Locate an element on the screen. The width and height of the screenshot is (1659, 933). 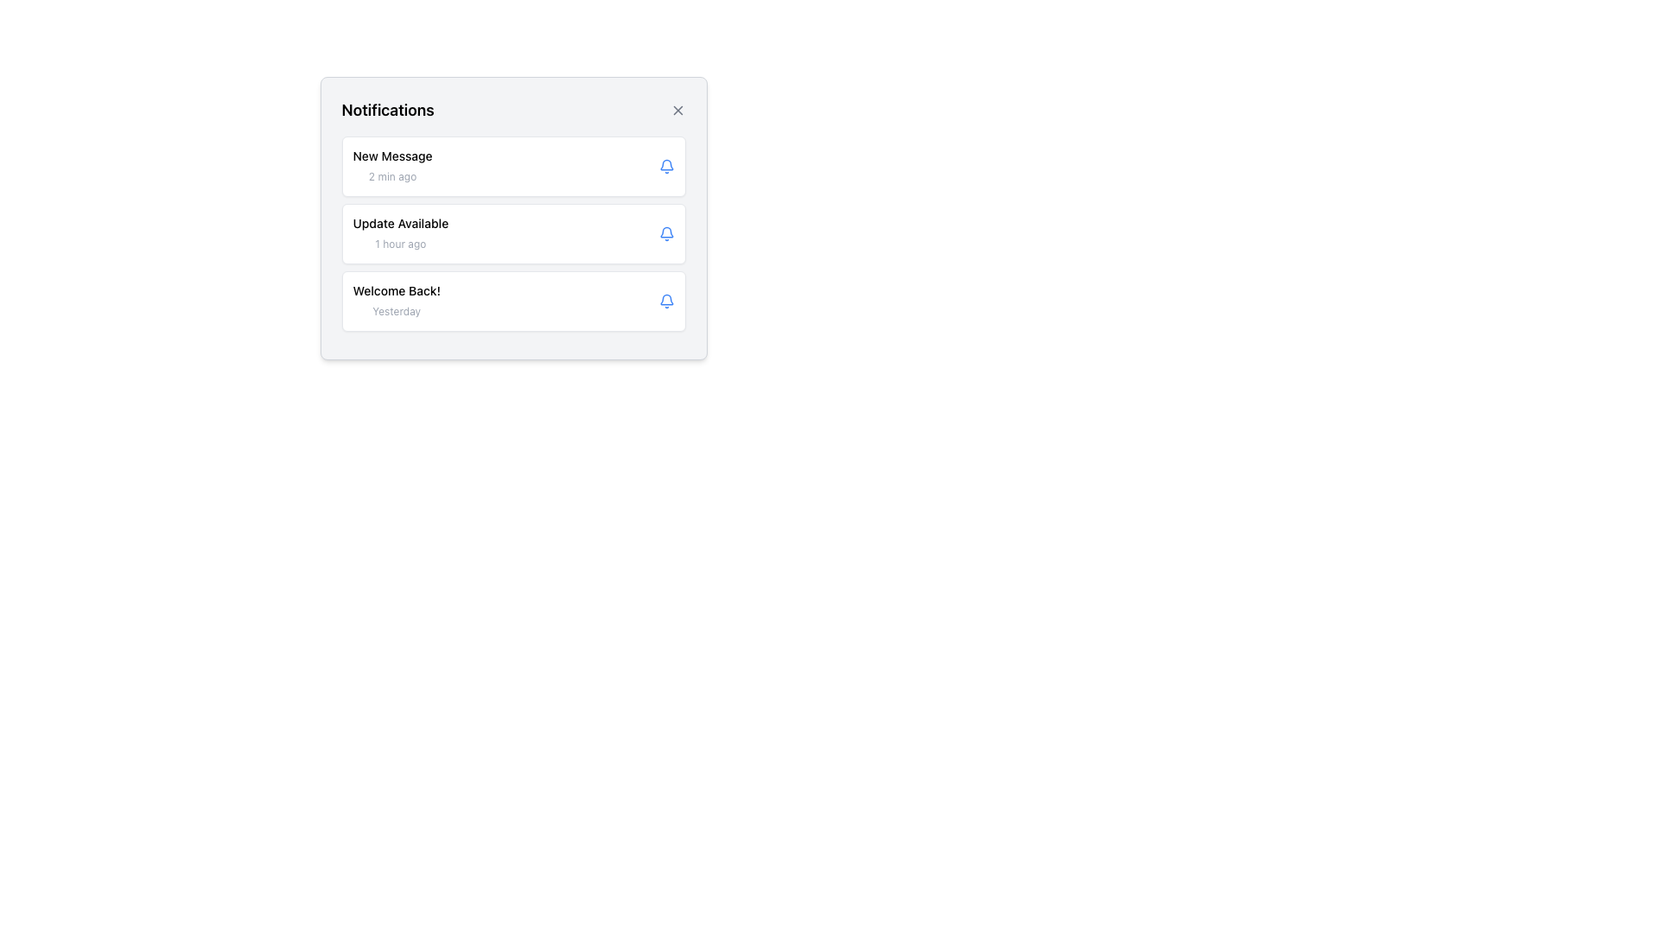
the header text of the last notification entry in the notification dialog, which is positioned above the secondary text 'Yesterday' is located at coordinates (396, 289).